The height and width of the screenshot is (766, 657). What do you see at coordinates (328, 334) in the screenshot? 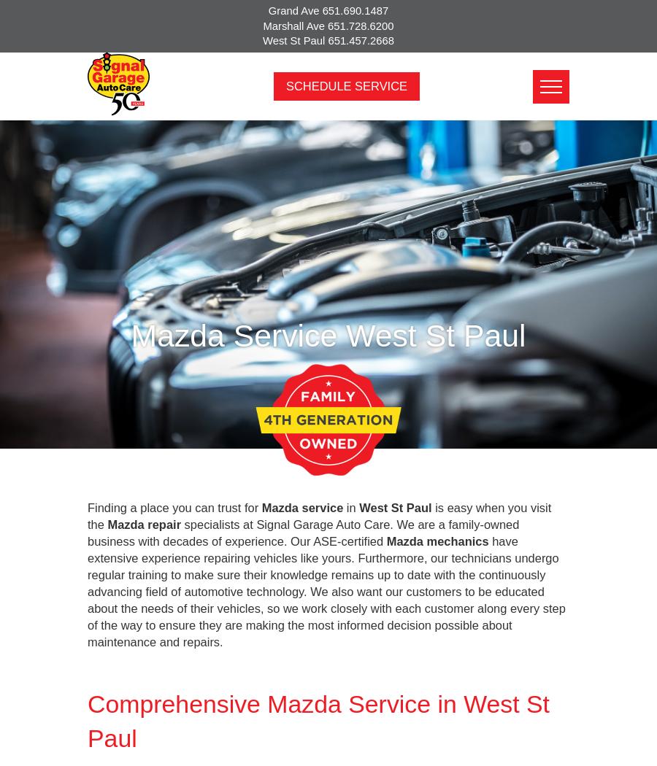
I see `'Mazda Service West St Paul'` at bounding box center [328, 334].